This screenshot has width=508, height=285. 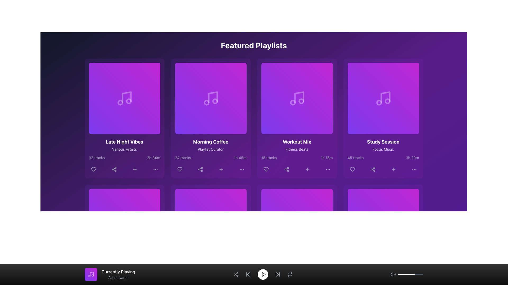 What do you see at coordinates (126, 97) in the screenshot?
I see `the thin black line forming the vertical bar of the musical note graphic located at the center of the 'Late Night Vibes' card` at bounding box center [126, 97].